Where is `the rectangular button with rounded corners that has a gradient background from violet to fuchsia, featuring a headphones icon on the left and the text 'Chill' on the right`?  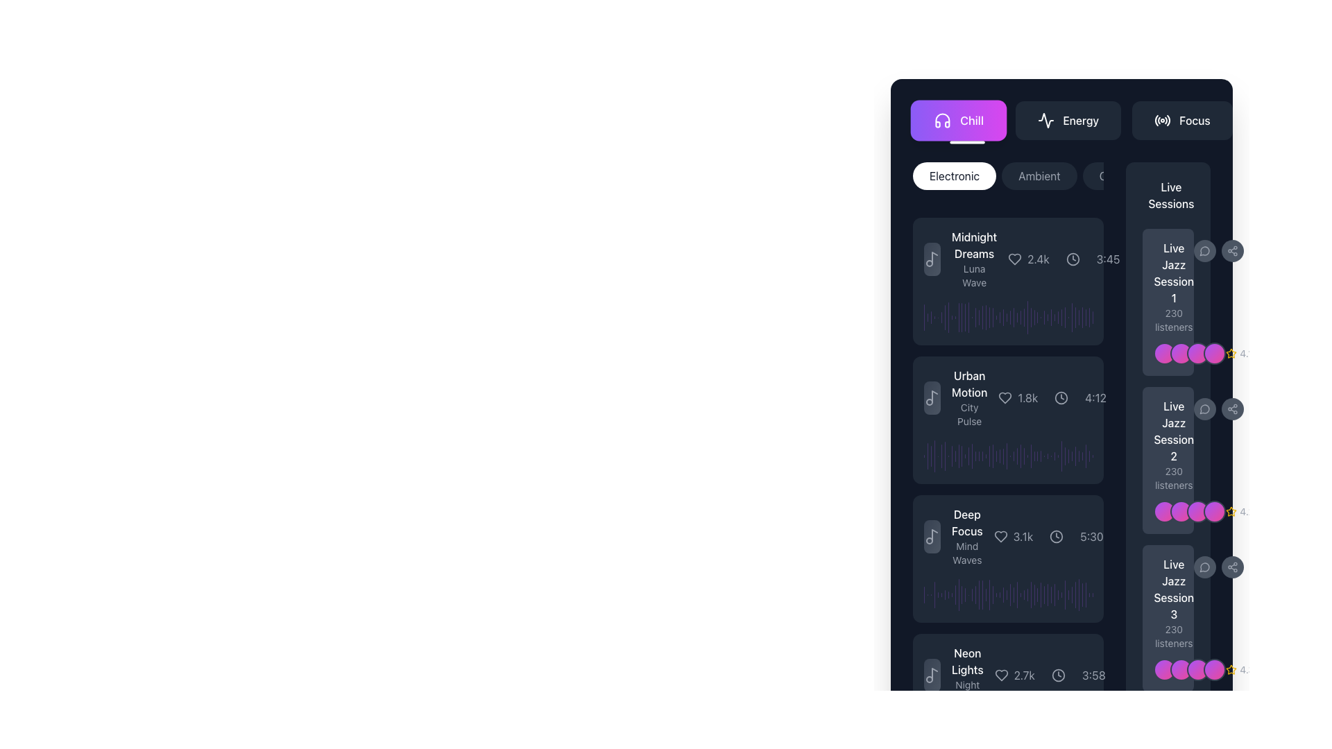
the rectangular button with rounded corners that has a gradient background from violet to fuchsia, featuring a headphones icon on the left and the text 'Chill' on the right is located at coordinates (958, 119).